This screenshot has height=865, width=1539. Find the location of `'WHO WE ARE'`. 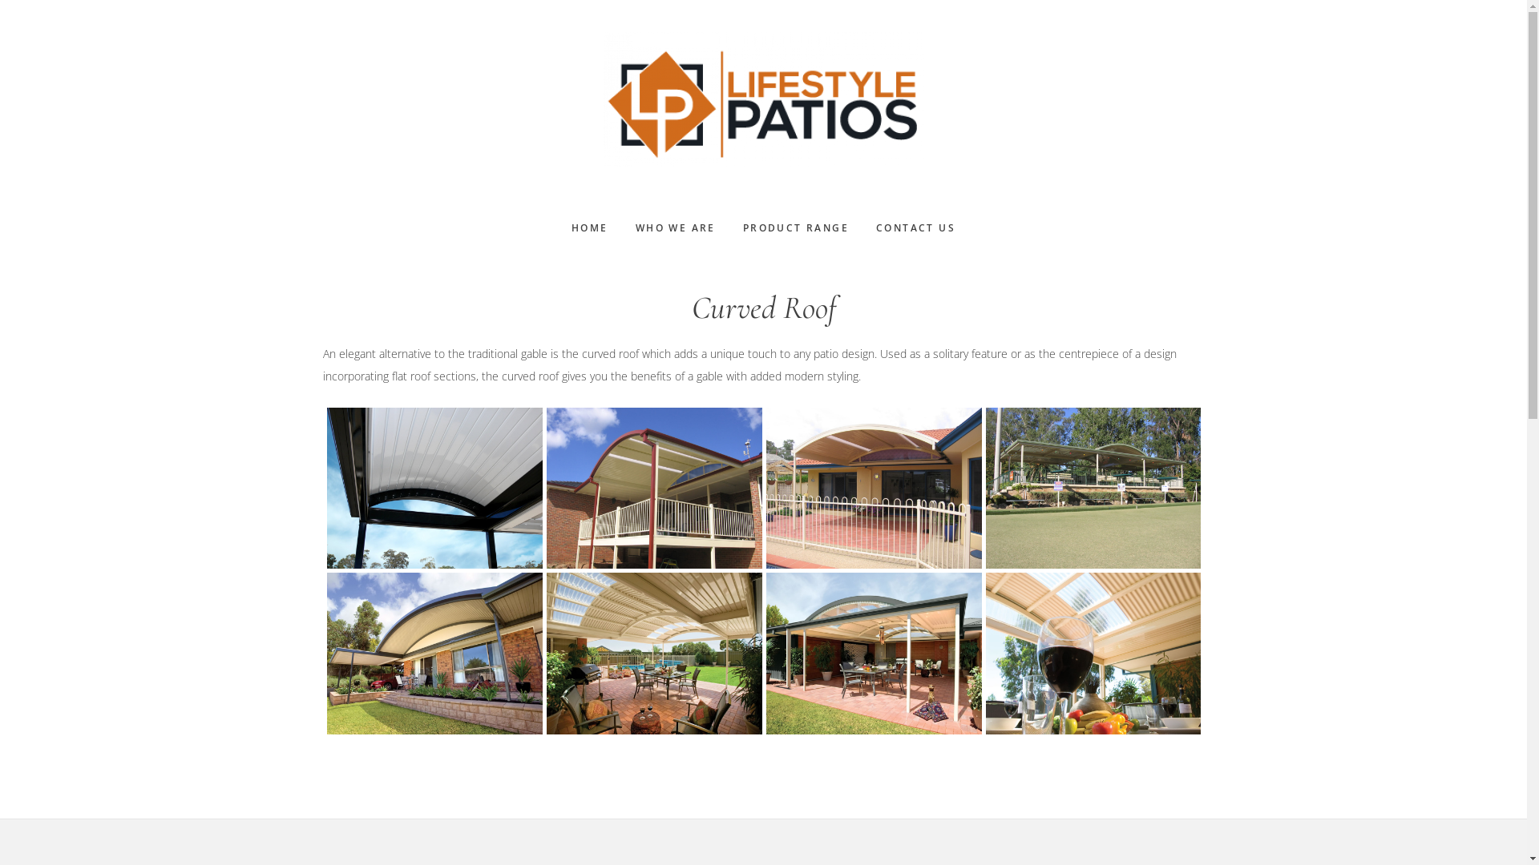

'WHO WE ARE' is located at coordinates (676, 228).